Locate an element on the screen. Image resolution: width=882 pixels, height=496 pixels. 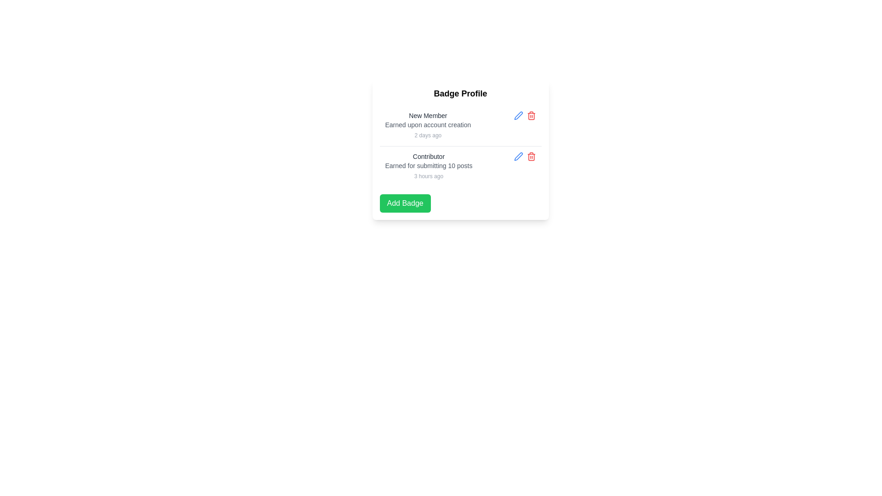
the delete icon button located next to the blue edit icon in the 'Badge Profile' section is located at coordinates (531, 156).